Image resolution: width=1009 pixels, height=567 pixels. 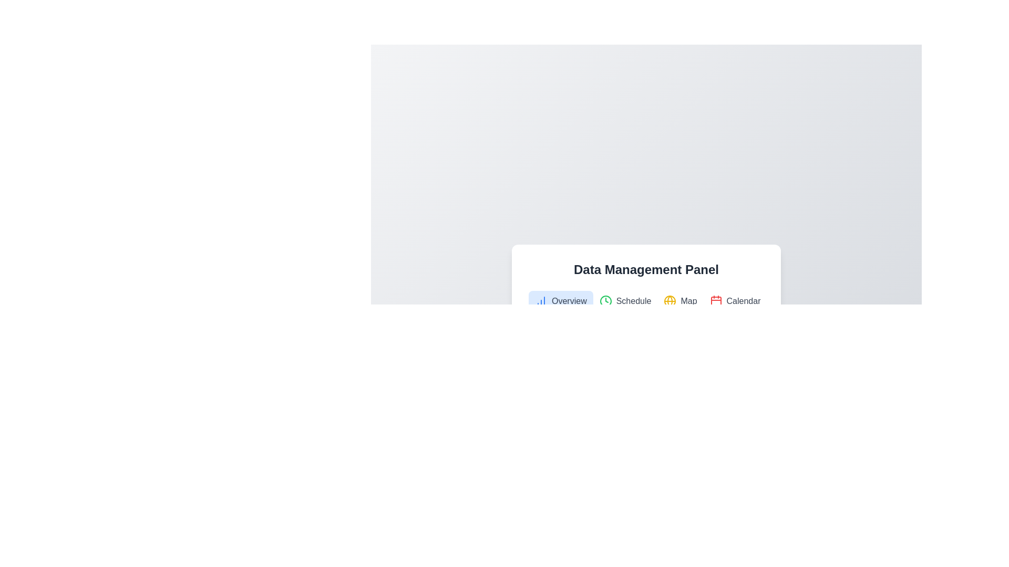 I want to click on the navigation button for the 'Map' page located in the horizontal navigation bar beneath 'Data Management Panel', so click(x=681, y=301).